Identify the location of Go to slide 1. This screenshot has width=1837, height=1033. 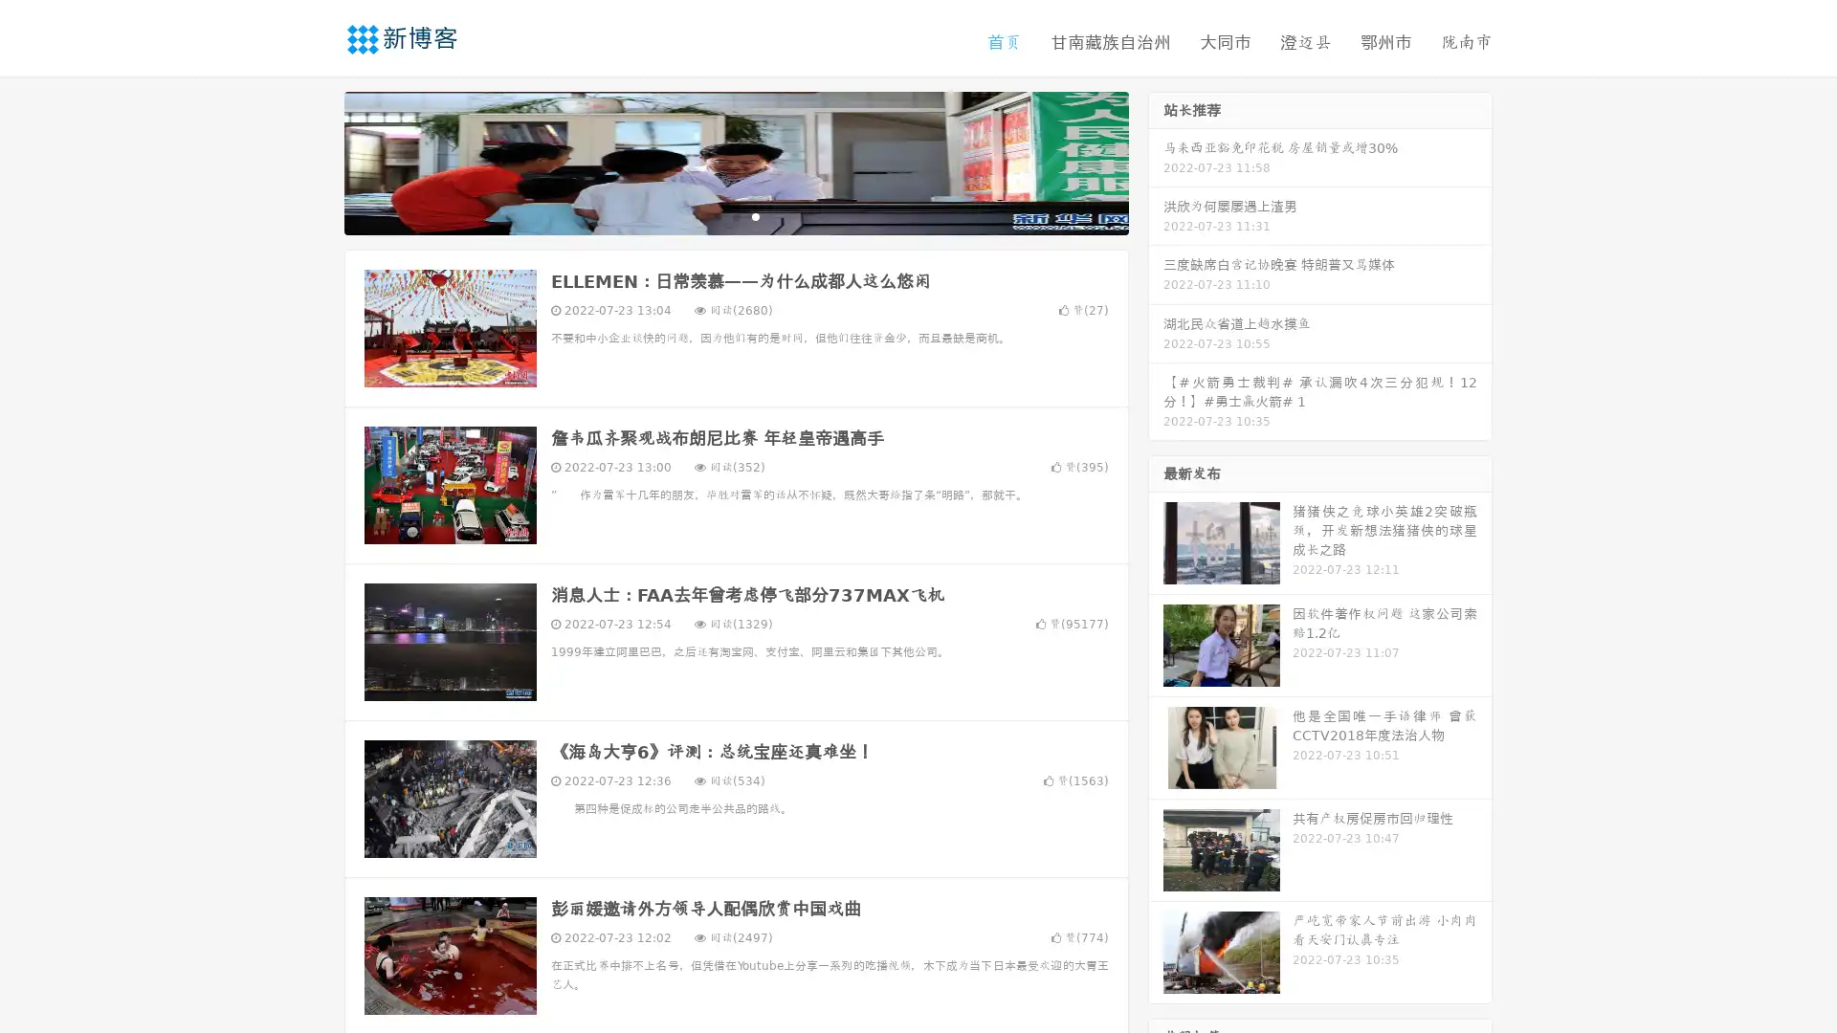
(716, 215).